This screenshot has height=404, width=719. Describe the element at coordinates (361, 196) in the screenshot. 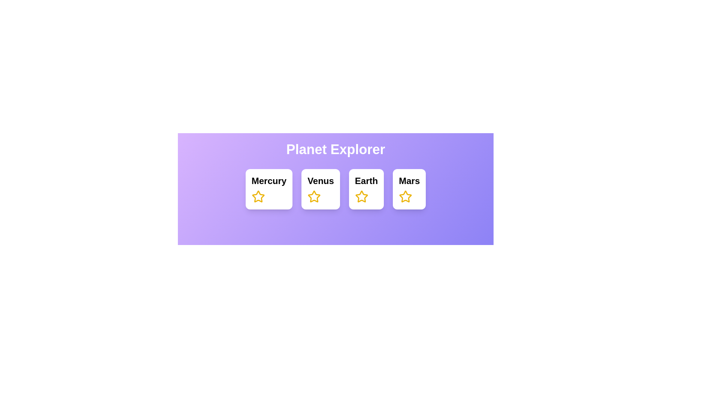

I see `the star icon outlined in gold, located under the card labeled 'Earth,'` at that location.